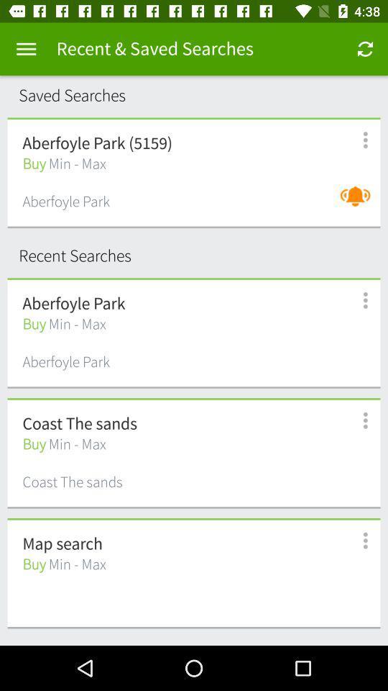  Describe the element at coordinates (358, 203) in the screenshot. I see `get notifications about property` at that location.